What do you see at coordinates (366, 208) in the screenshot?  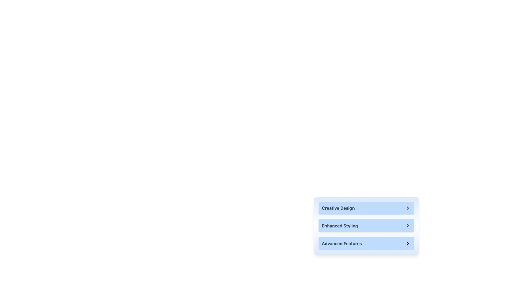 I see `first item in the vertical list labeled 'Creative Design' for its details` at bounding box center [366, 208].